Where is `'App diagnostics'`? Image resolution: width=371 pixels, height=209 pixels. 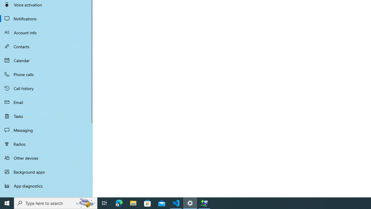
'App diagnostics' is located at coordinates (46, 186).